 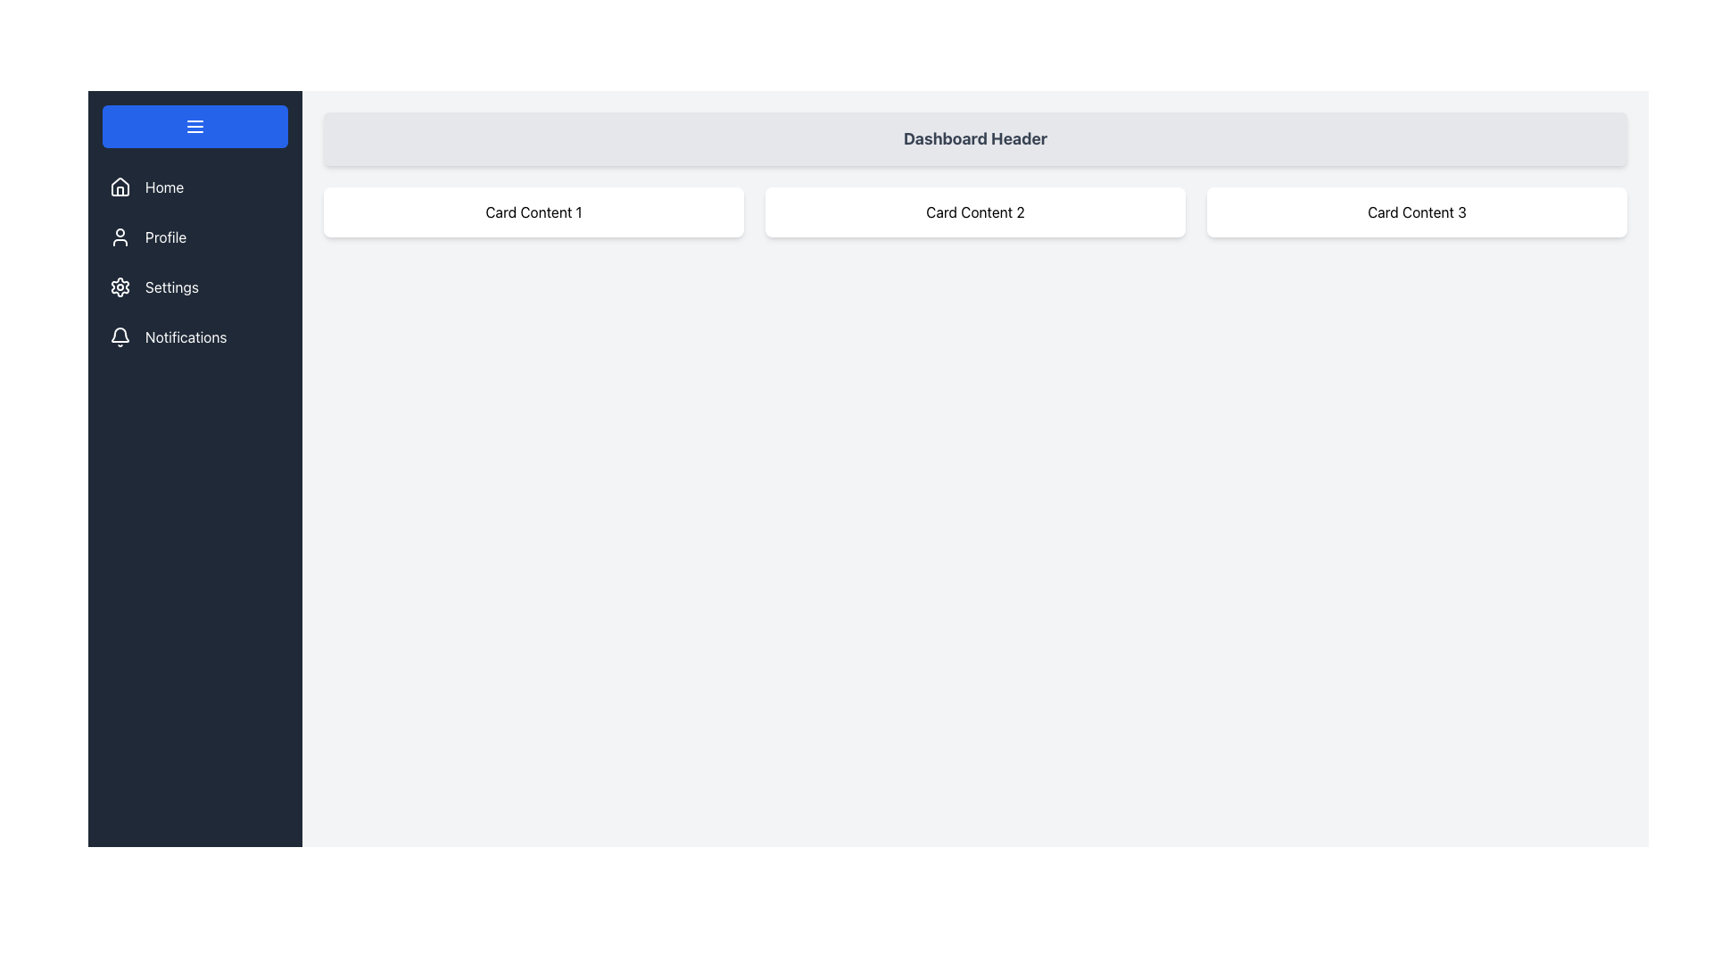 I want to click on the first menu item in the vertical sidebar navigation, so click(x=195, y=187).